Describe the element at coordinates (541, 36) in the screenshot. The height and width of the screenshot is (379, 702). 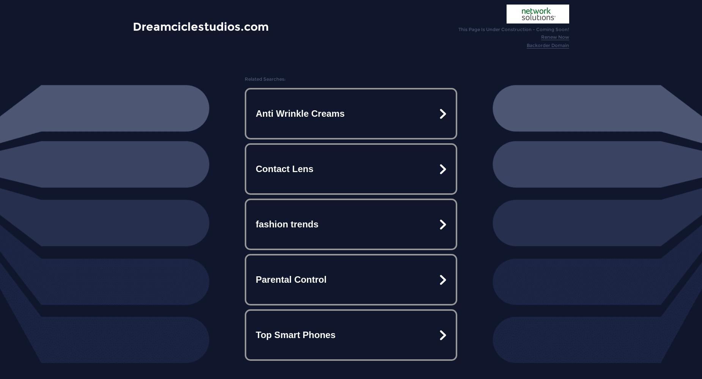
I see `'Renew Now'` at that location.